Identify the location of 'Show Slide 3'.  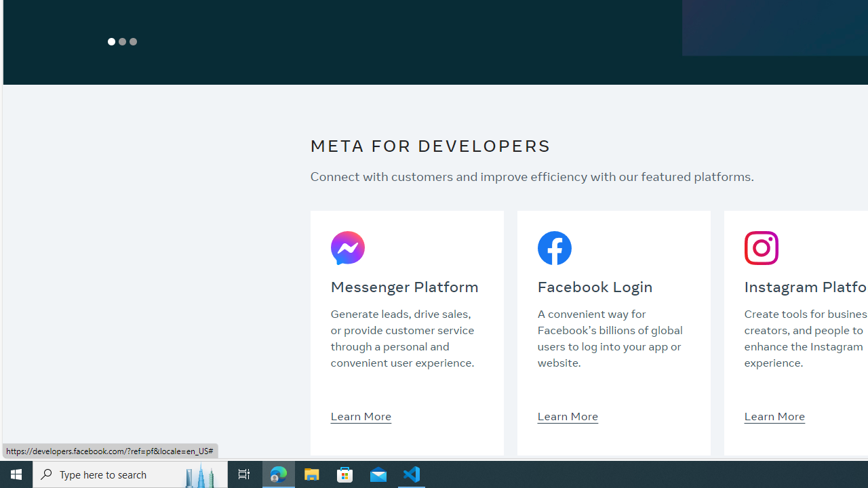
(134, 41).